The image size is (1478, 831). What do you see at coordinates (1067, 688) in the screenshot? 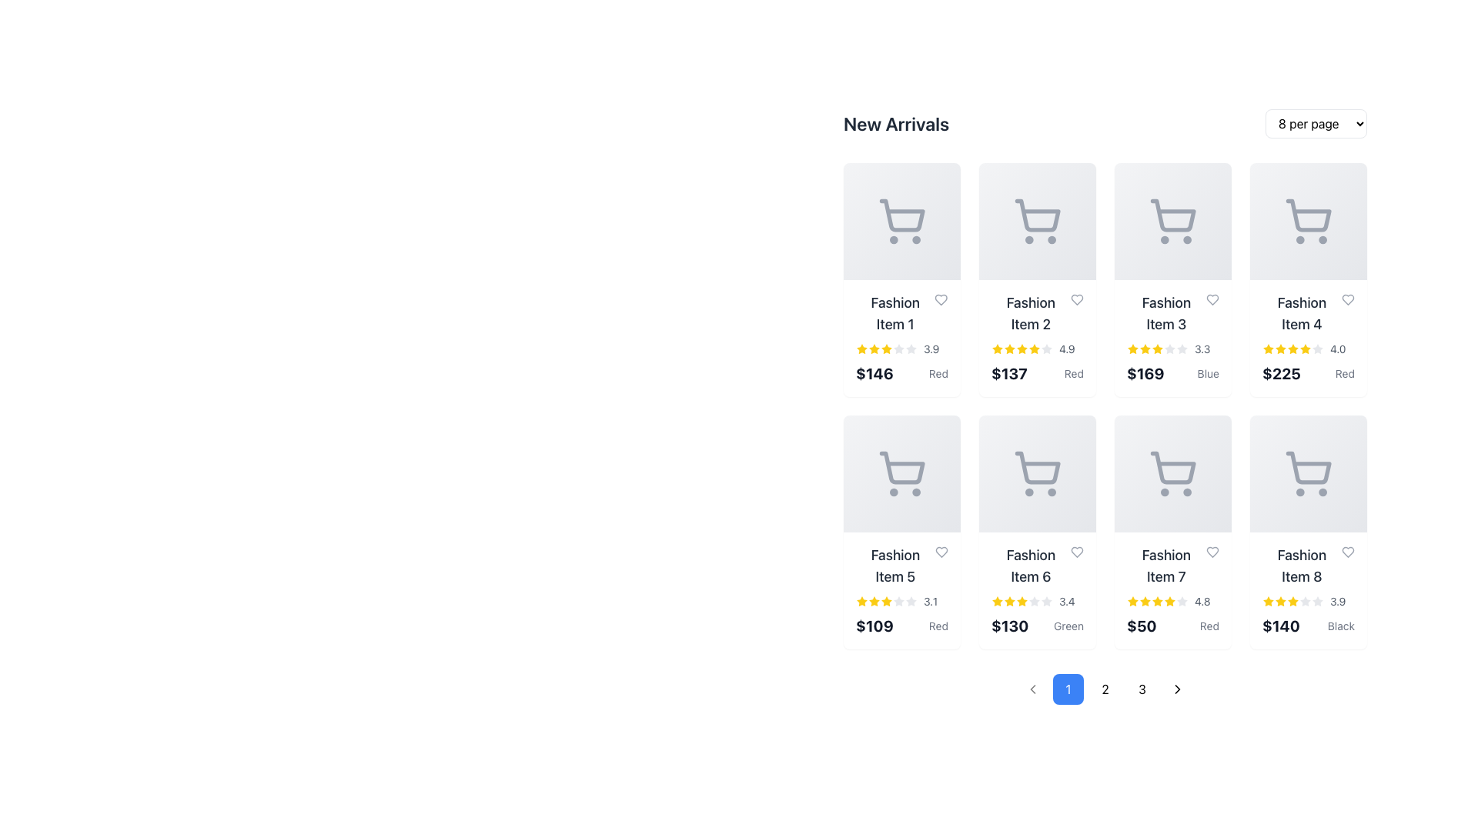
I see `the first pagination button located at the bottom center of the interface` at bounding box center [1067, 688].